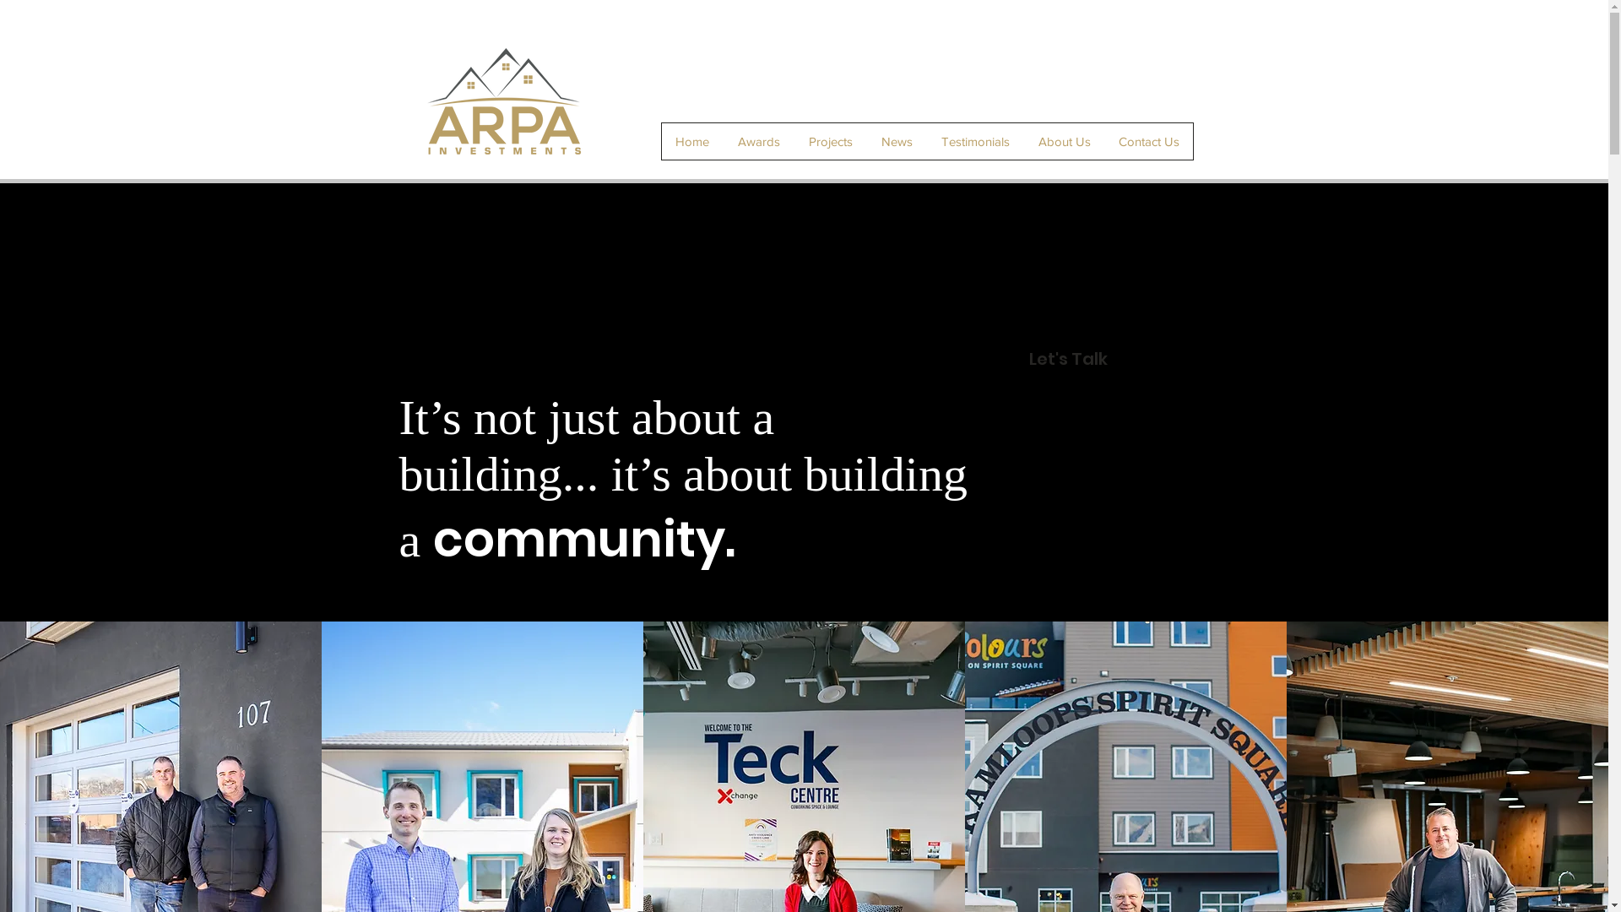  I want to click on 'Contact Us', so click(1104, 140).